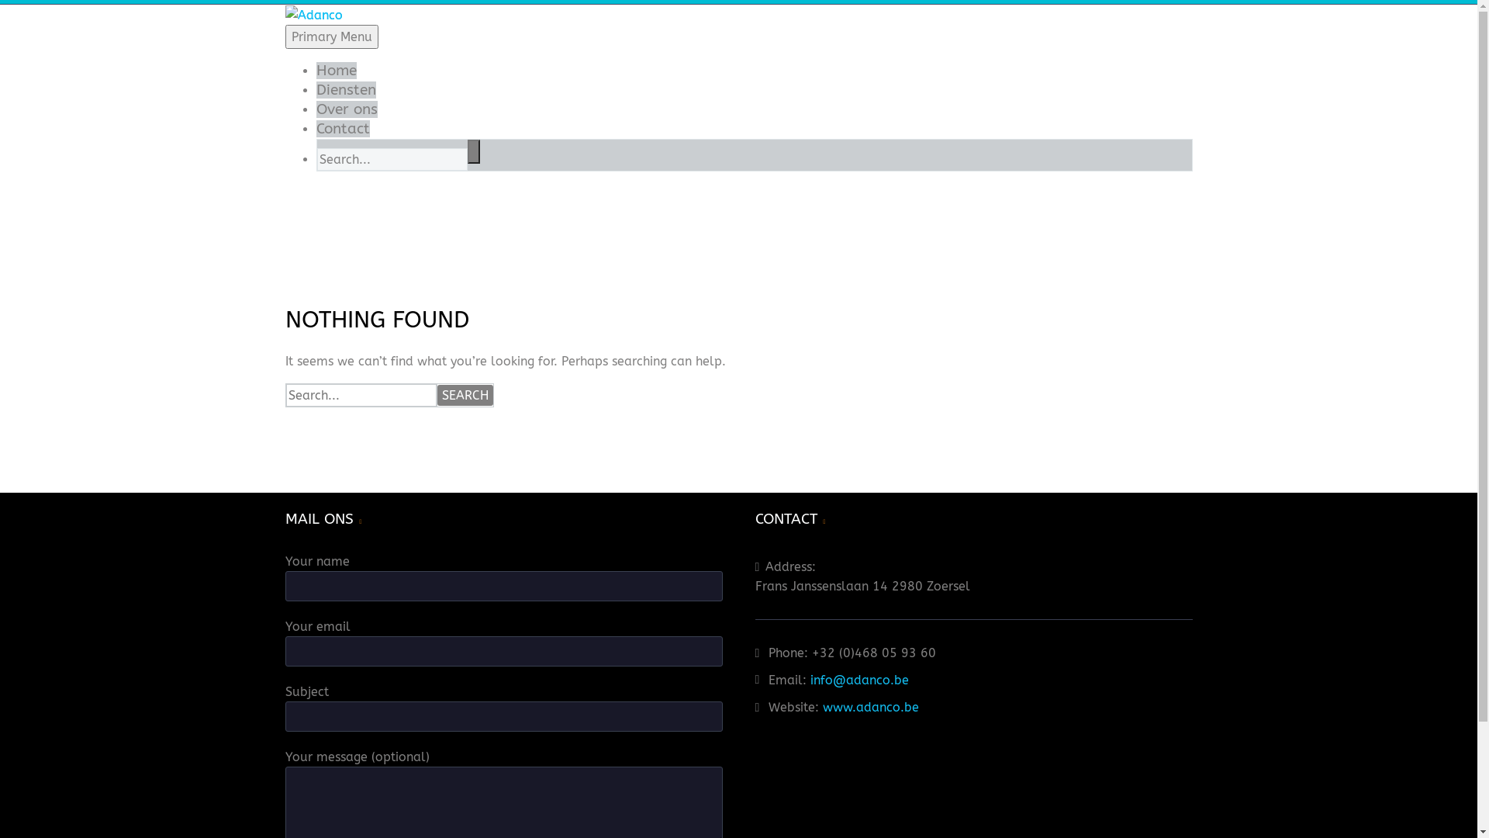 The width and height of the screenshot is (1489, 838). Describe the element at coordinates (285, 36) in the screenshot. I see `'Primary Menu'` at that location.